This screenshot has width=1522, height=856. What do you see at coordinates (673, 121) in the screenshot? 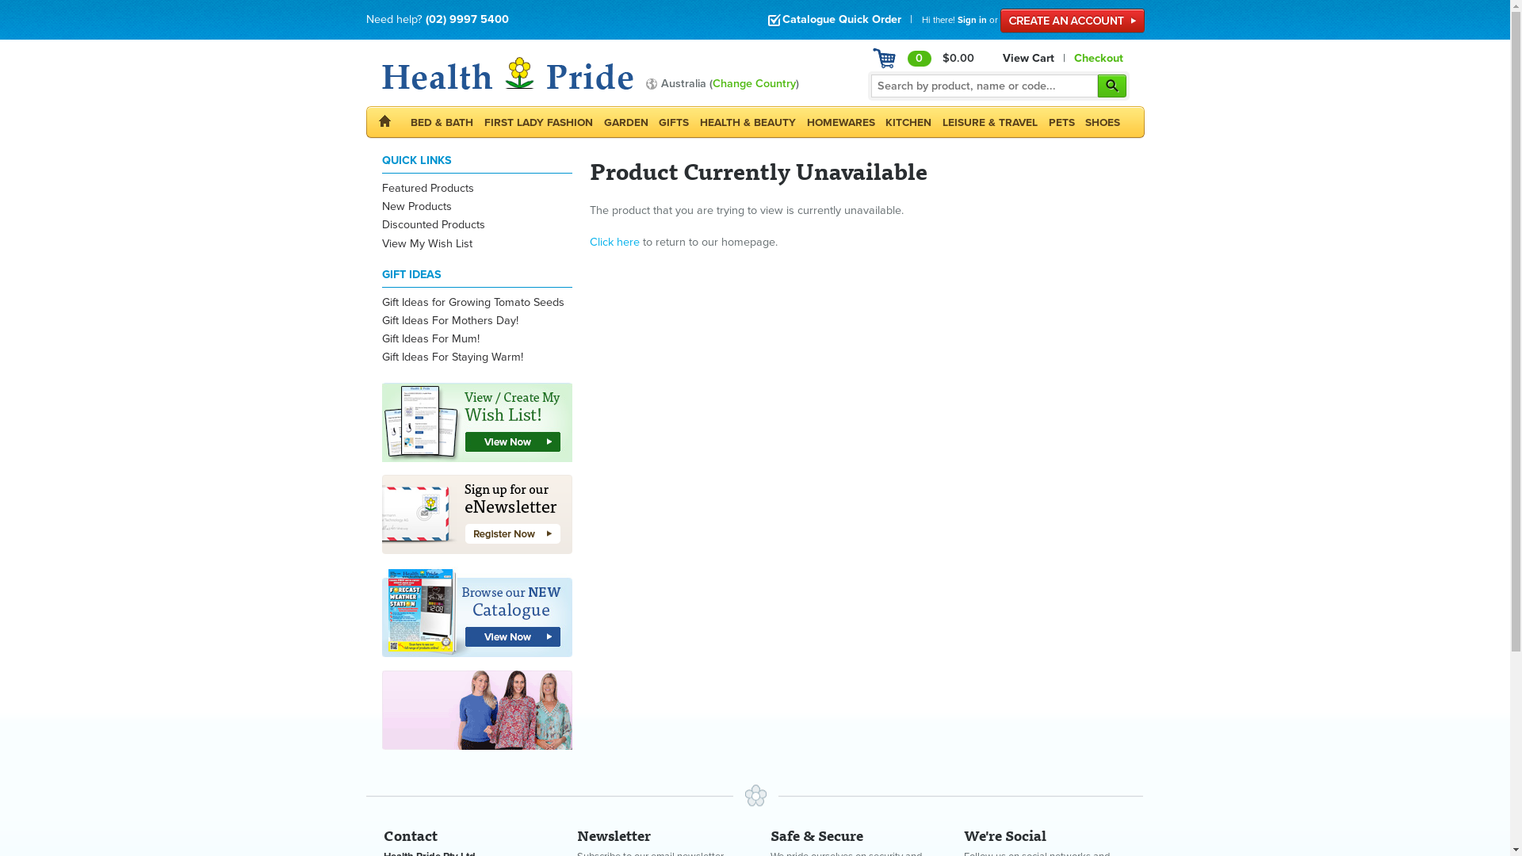
I see `'GIFTS'` at bounding box center [673, 121].